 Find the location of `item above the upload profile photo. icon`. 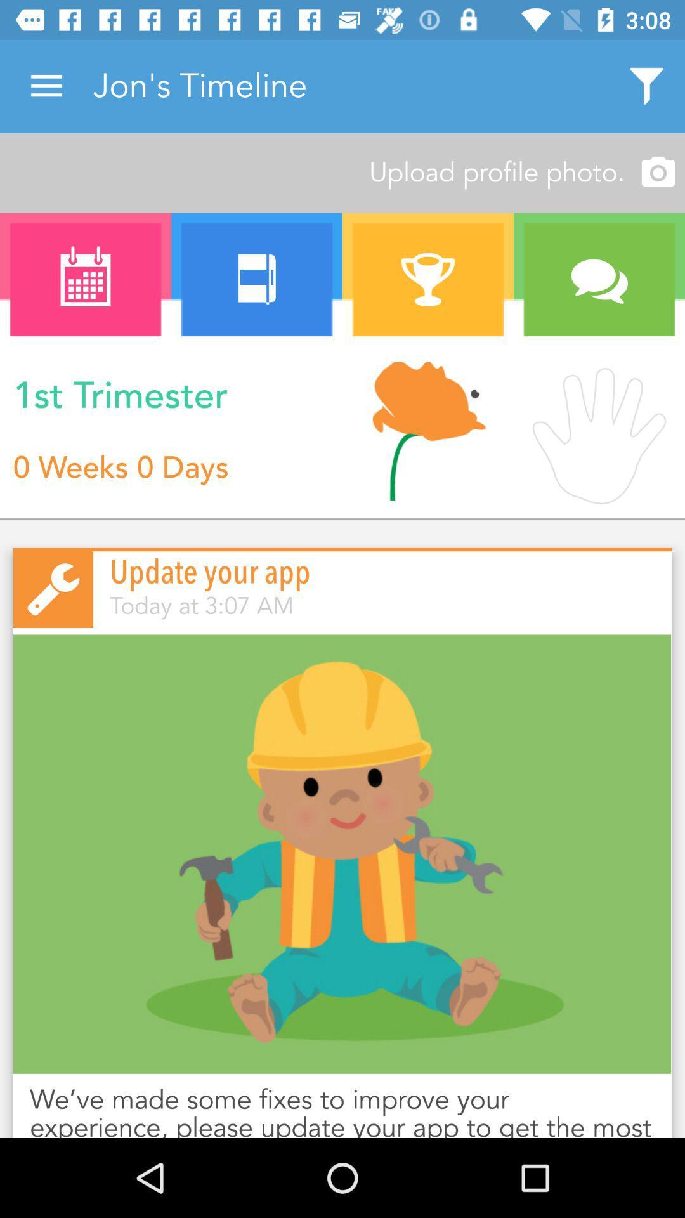

item above the upload profile photo. icon is located at coordinates (46, 86).